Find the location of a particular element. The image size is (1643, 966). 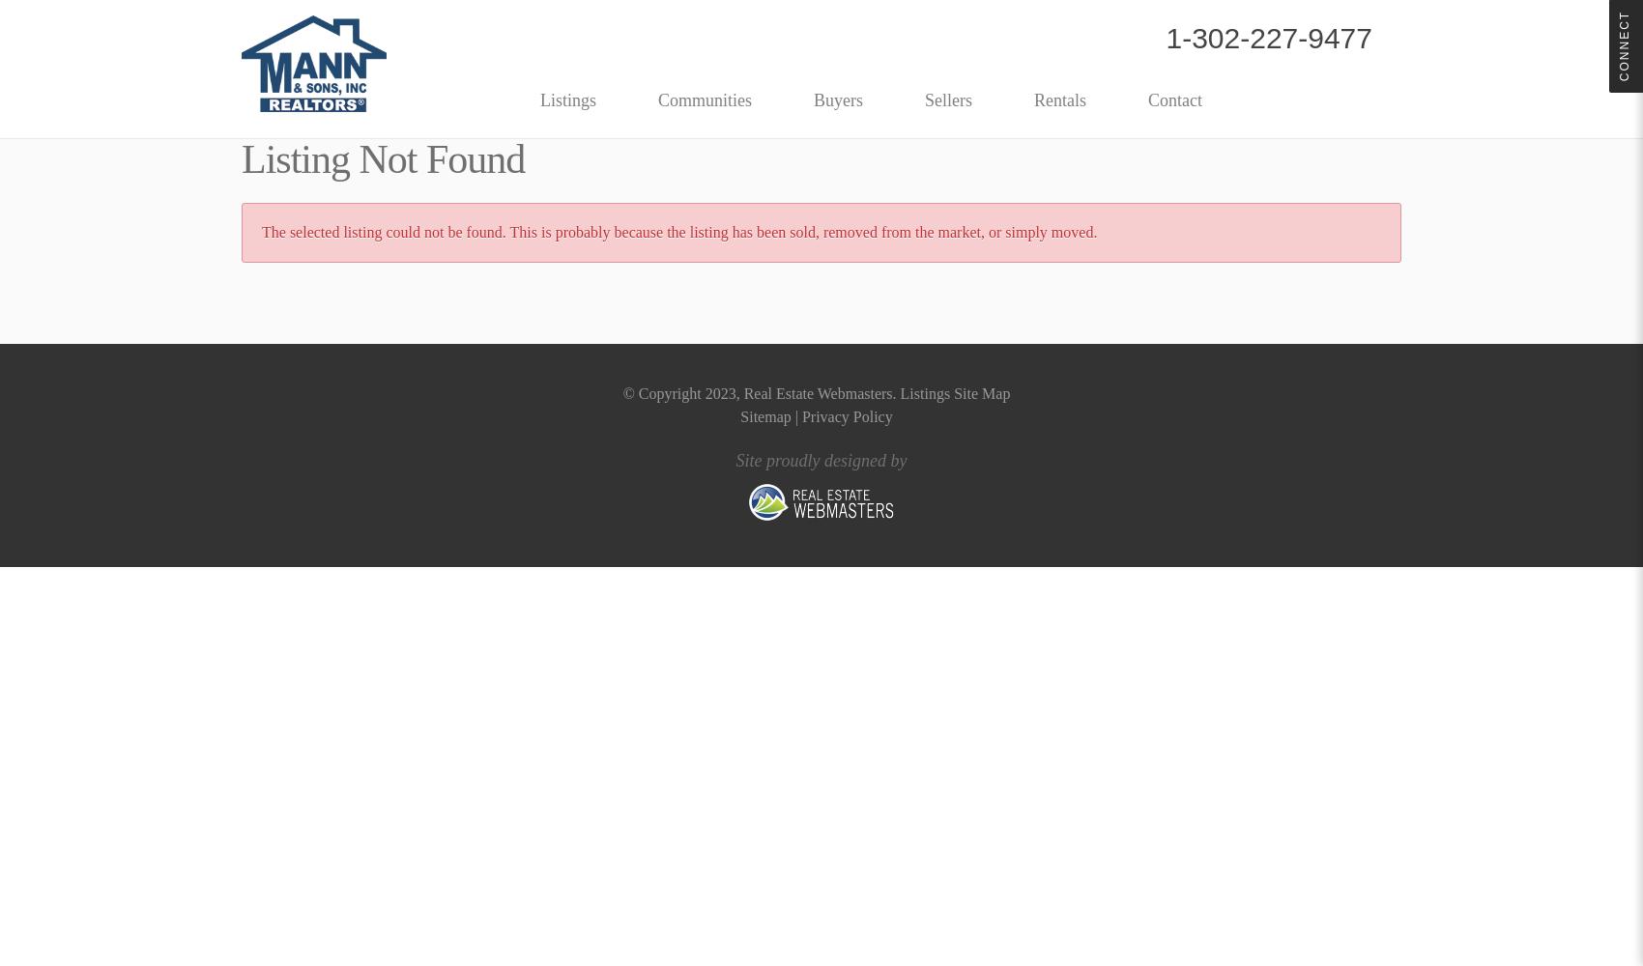

'Privacy Policy' is located at coordinates (847, 416).